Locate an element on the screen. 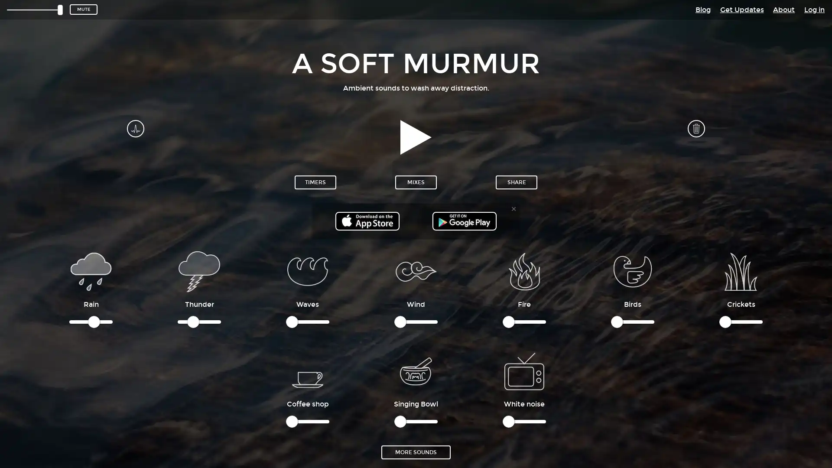  Get Updates is located at coordinates (741, 9).